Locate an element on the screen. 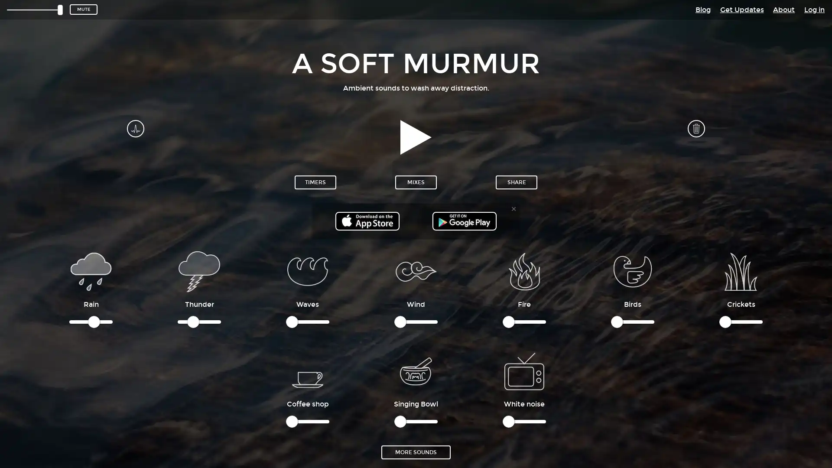  Get Updates is located at coordinates (741, 9).